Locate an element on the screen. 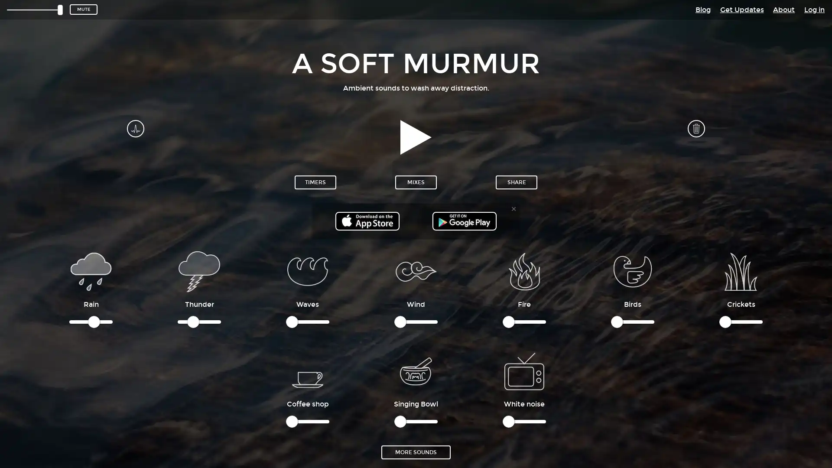  Get Updates is located at coordinates (741, 9).